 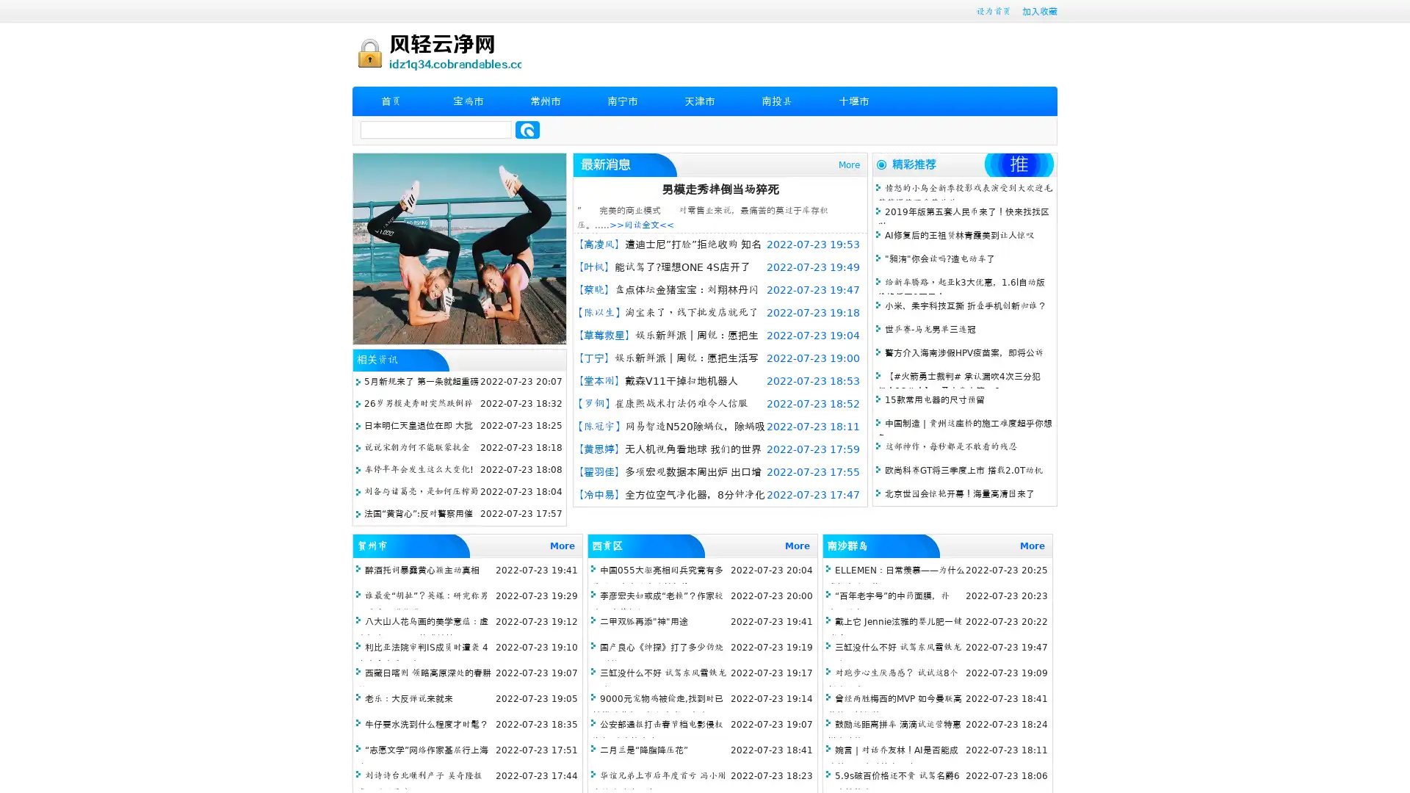 I want to click on Search, so click(x=527, y=129).